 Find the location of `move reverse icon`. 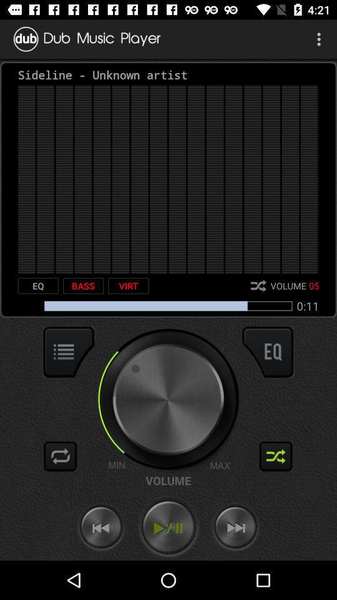

move reverse icon is located at coordinates (100, 527).